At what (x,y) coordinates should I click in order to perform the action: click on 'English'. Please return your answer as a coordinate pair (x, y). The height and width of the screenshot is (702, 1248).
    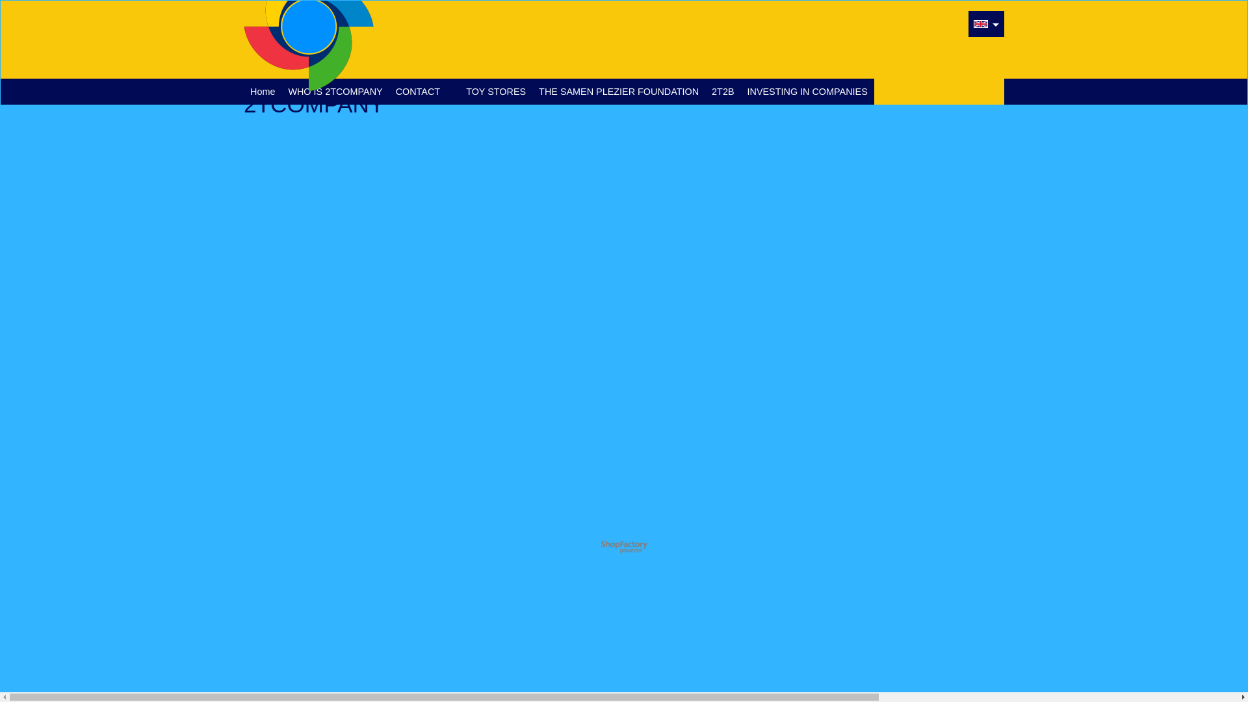
    Looking at the image, I should click on (980, 24).